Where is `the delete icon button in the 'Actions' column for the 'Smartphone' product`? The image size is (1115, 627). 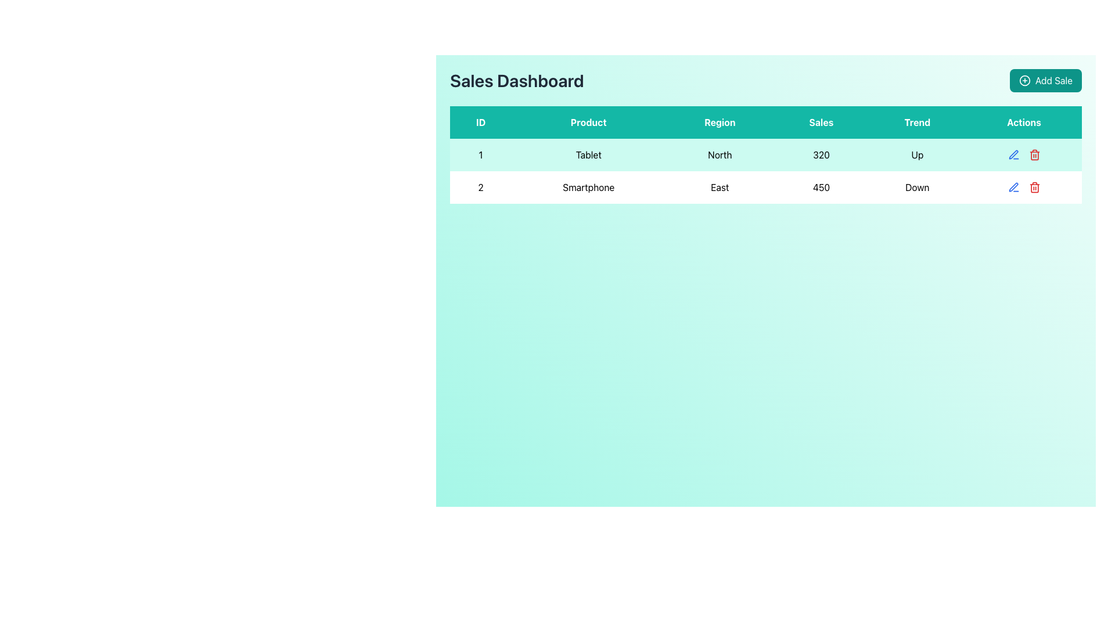
the delete icon button in the 'Actions' column for the 'Smartphone' product is located at coordinates (1034, 187).